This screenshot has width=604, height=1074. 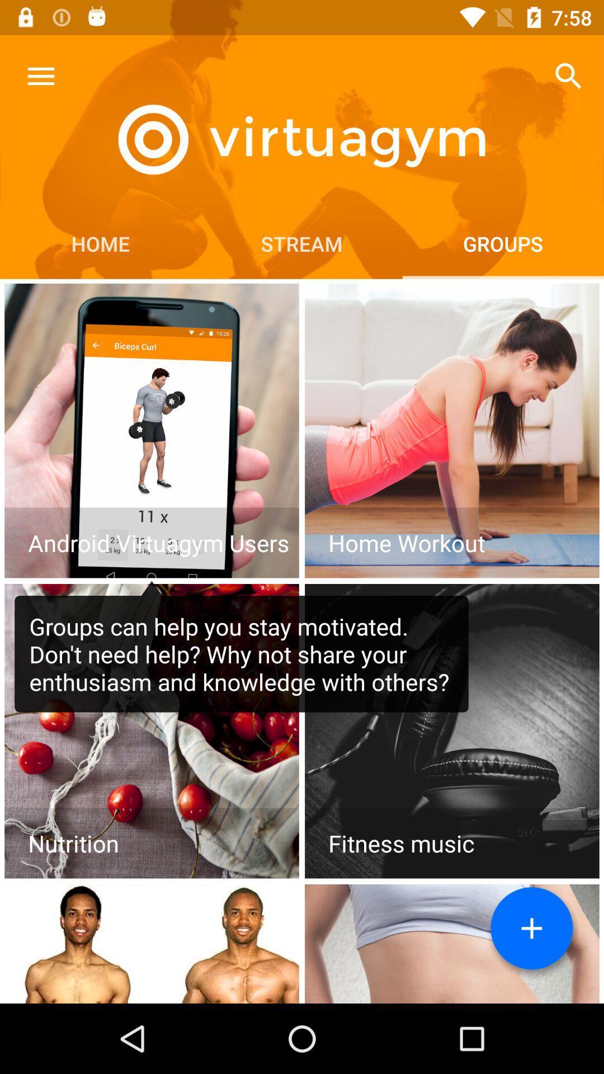 I want to click on new group, so click(x=531, y=928).